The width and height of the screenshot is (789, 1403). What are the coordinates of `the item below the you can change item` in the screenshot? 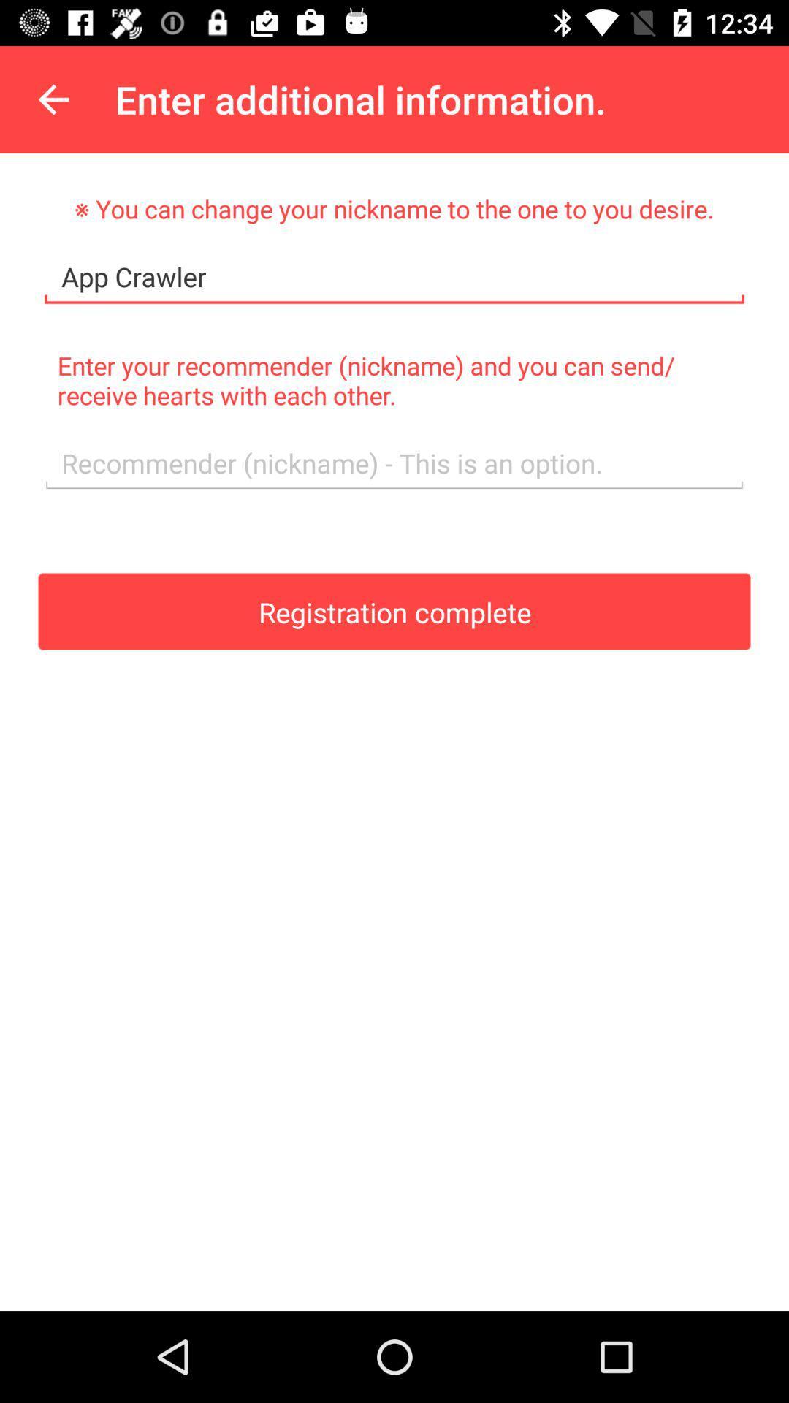 It's located at (394, 277).